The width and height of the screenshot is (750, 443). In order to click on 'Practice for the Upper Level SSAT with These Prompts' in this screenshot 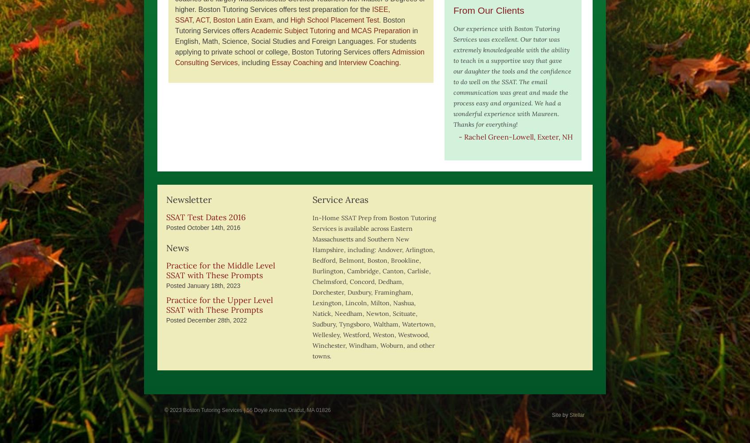, I will do `click(219, 305)`.